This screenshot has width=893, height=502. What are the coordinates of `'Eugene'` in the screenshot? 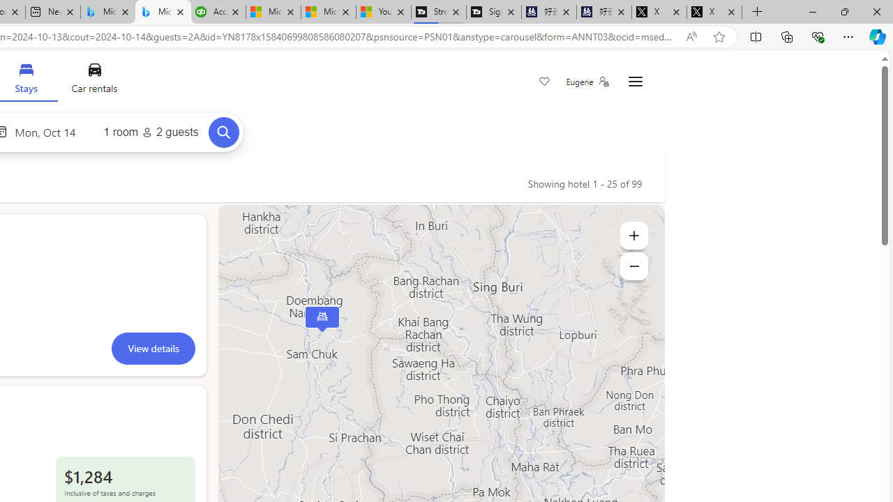 It's located at (587, 82).